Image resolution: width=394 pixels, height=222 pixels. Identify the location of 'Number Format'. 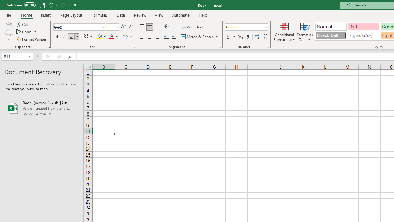
(244, 27).